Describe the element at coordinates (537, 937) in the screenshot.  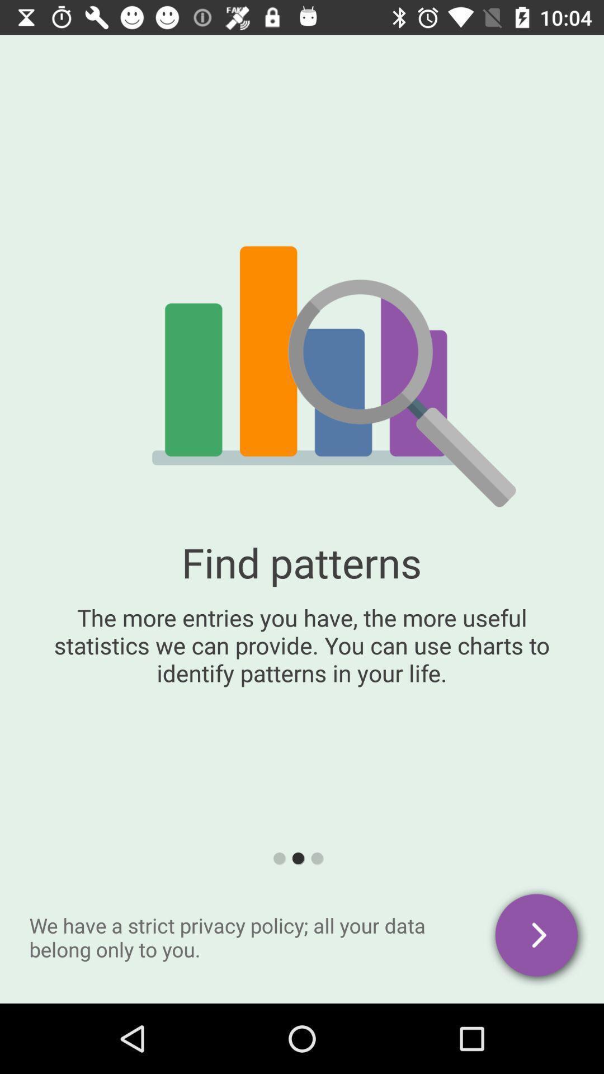
I see `the item at the bottom right corner` at that location.